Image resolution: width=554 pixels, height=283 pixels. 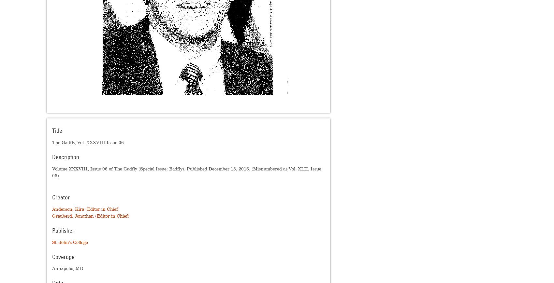 I want to click on 'Publisher', so click(x=63, y=231).